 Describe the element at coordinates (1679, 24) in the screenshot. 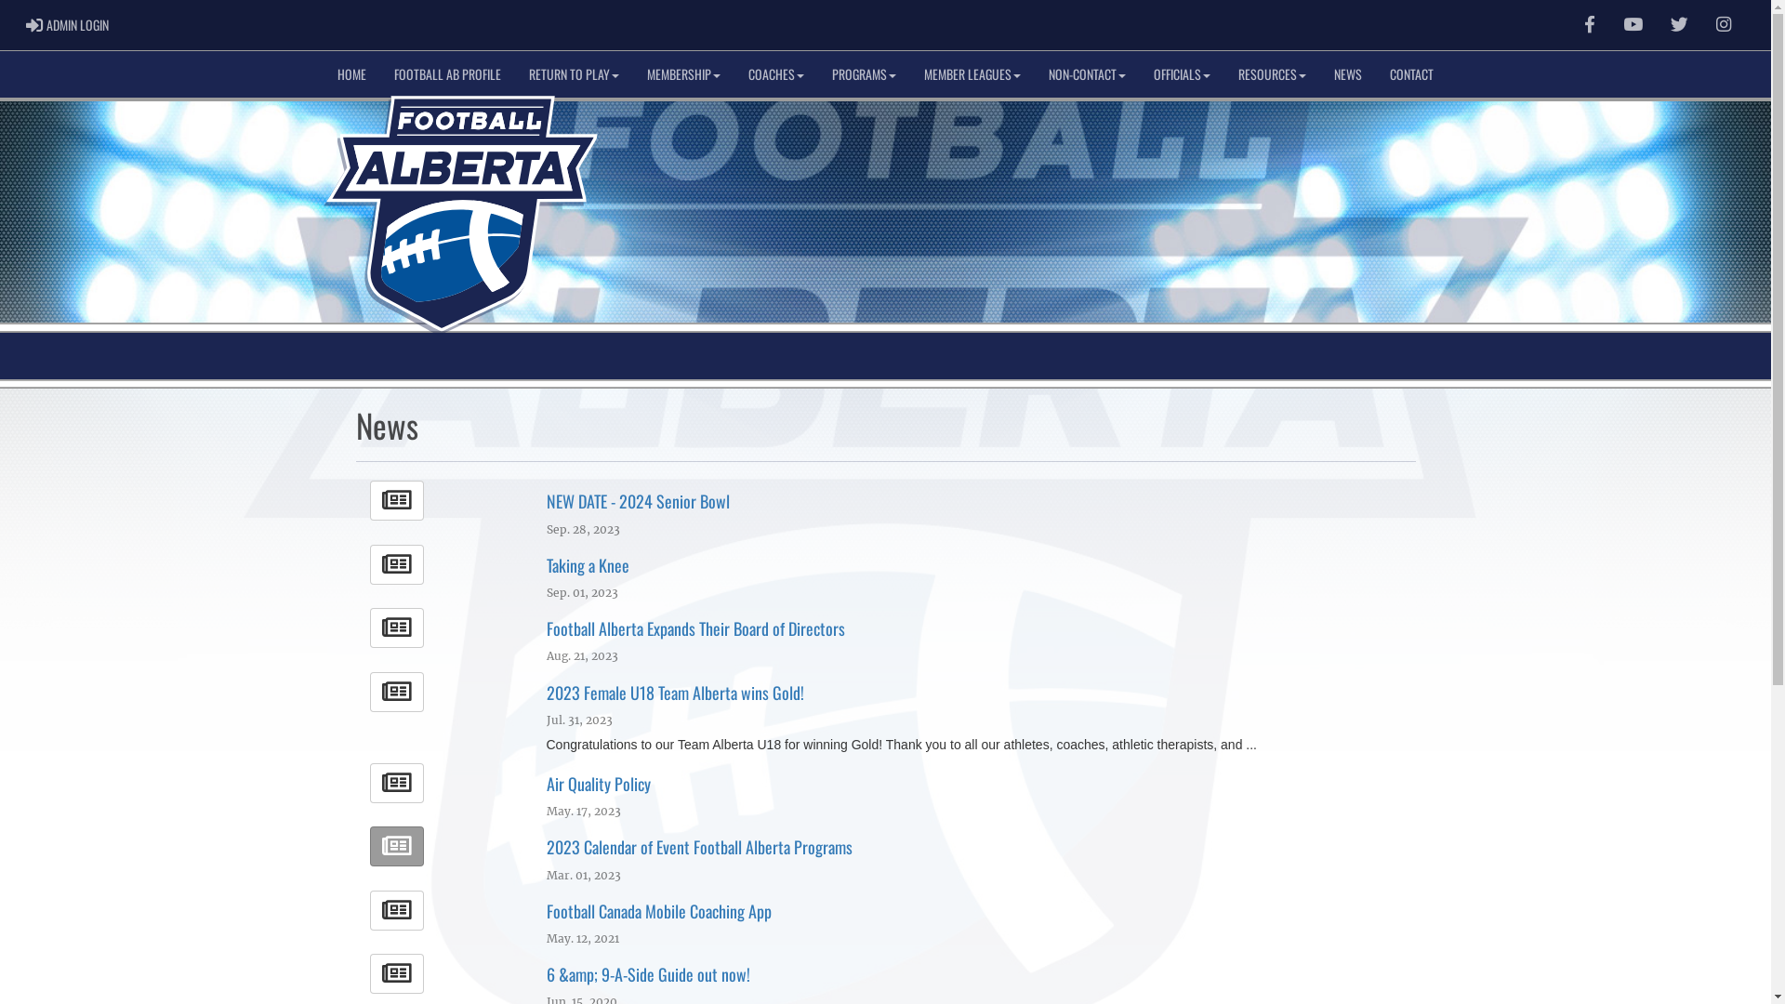

I see `'follow us'` at that location.